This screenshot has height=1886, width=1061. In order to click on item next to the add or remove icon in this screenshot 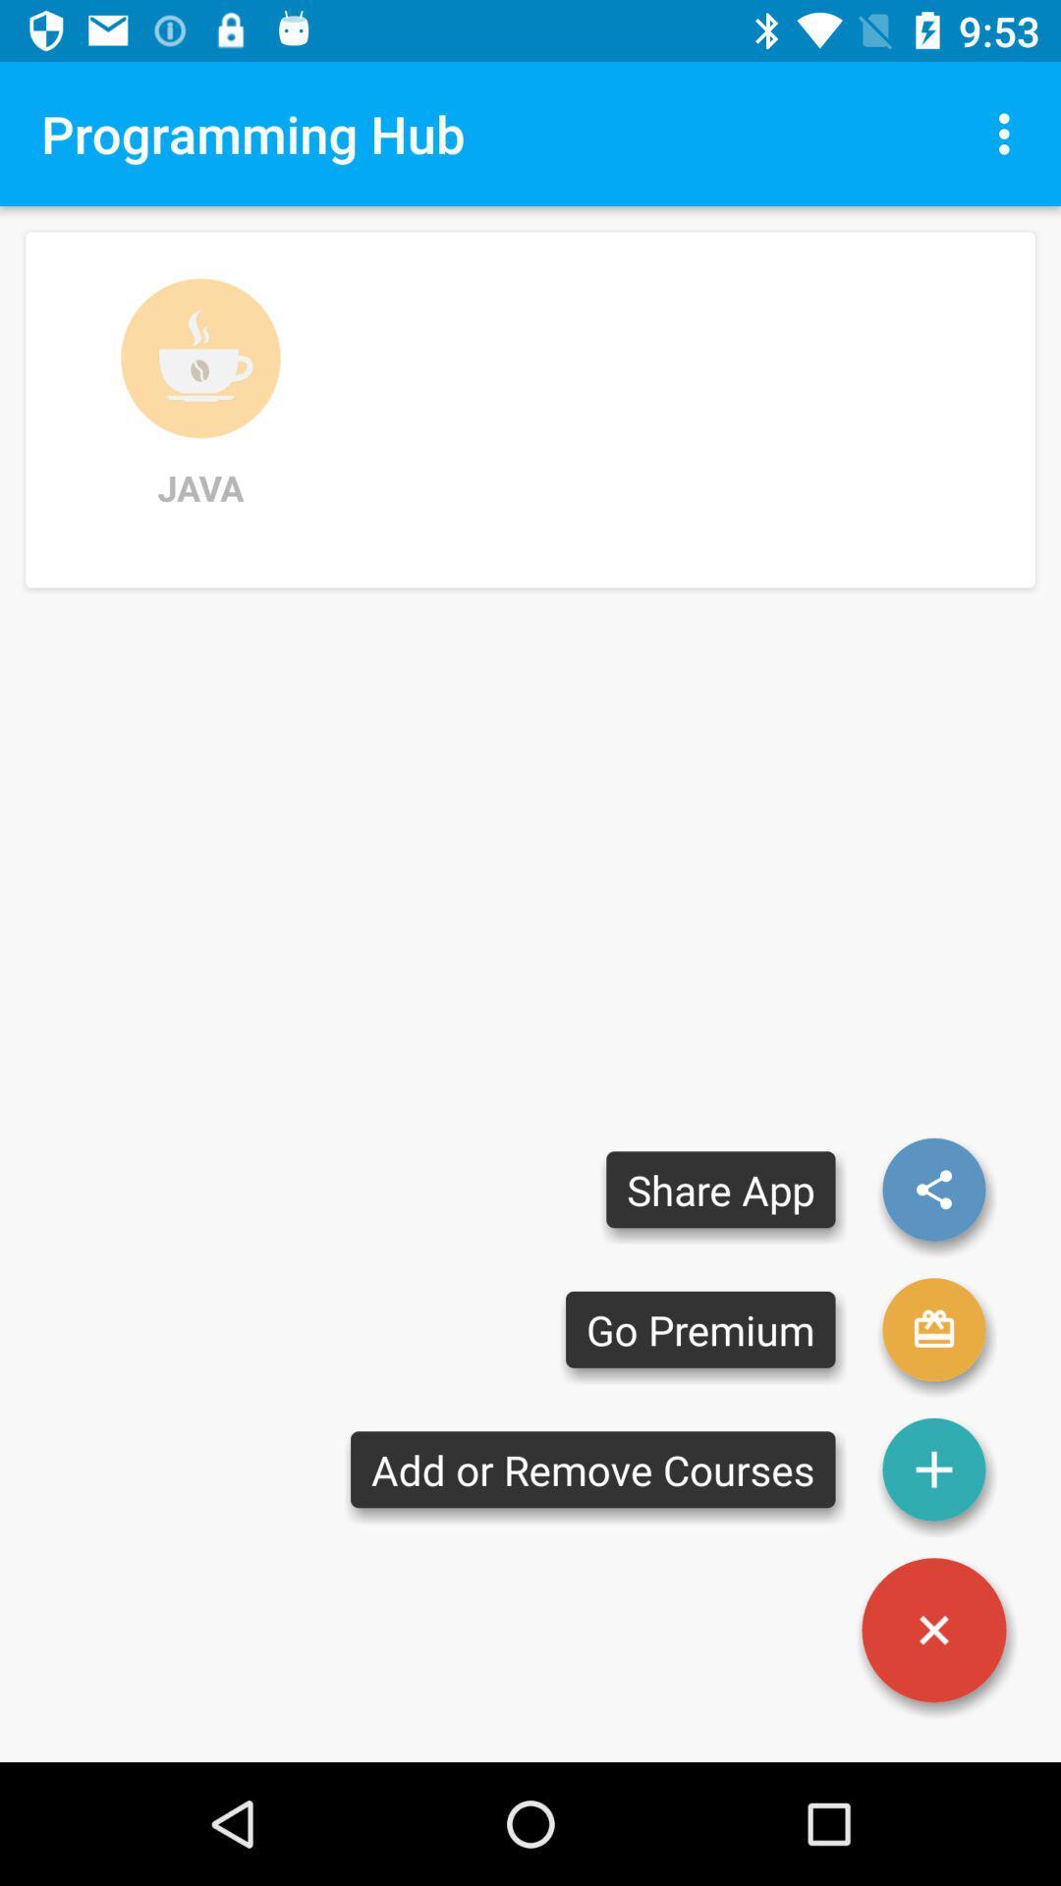, I will do `click(933, 1630)`.